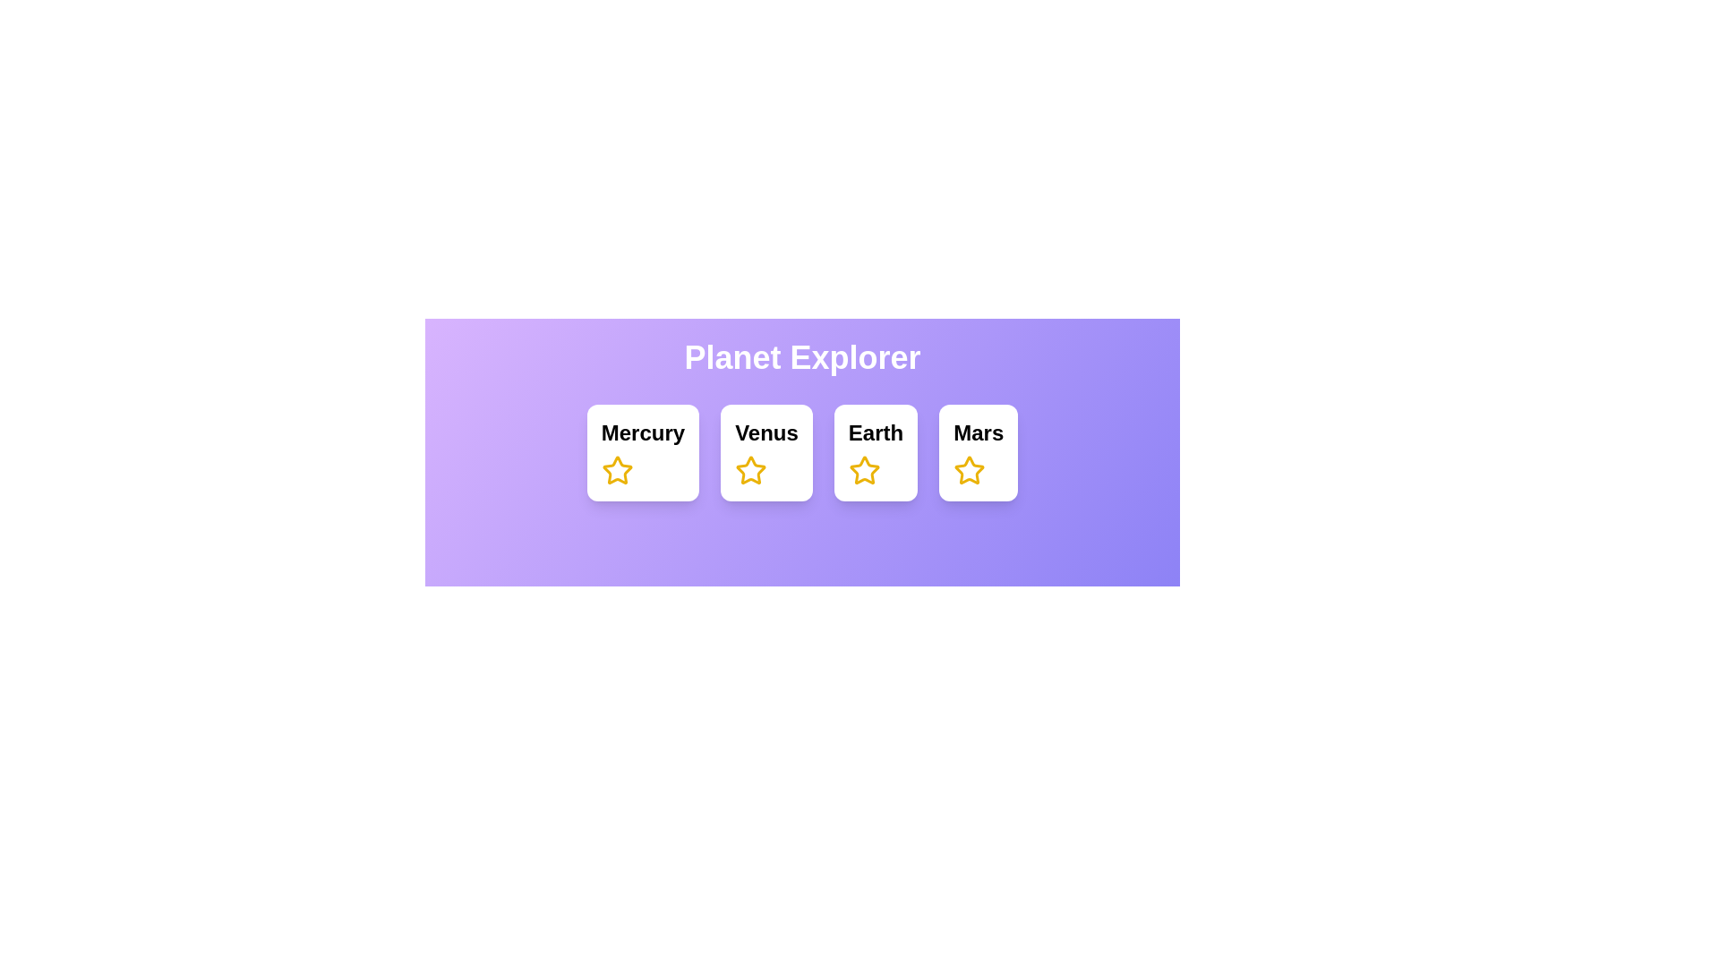  I want to click on the yellow star icon with a hollow center located at the bottom of the 'Venus' card to rate or mark it as a favorite, so click(751, 469).